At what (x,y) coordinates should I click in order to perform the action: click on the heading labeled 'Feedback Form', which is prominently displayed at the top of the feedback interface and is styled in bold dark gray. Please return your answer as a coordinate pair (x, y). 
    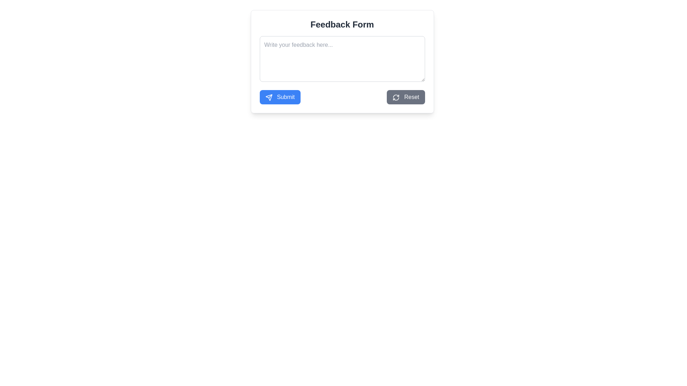
    Looking at the image, I should click on (342, 24).